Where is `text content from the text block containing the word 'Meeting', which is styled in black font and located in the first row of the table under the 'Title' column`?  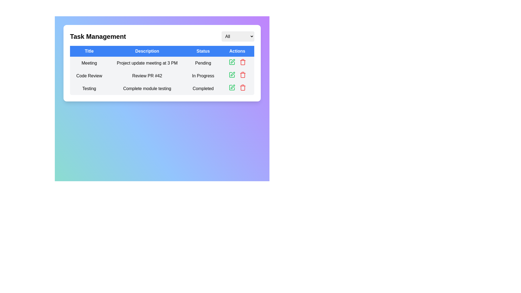
text content from the text block containing the word 'Meeting', which is styled in black font and located in the first row of the table under the 'Title' column is located at coordinates (89, 63).